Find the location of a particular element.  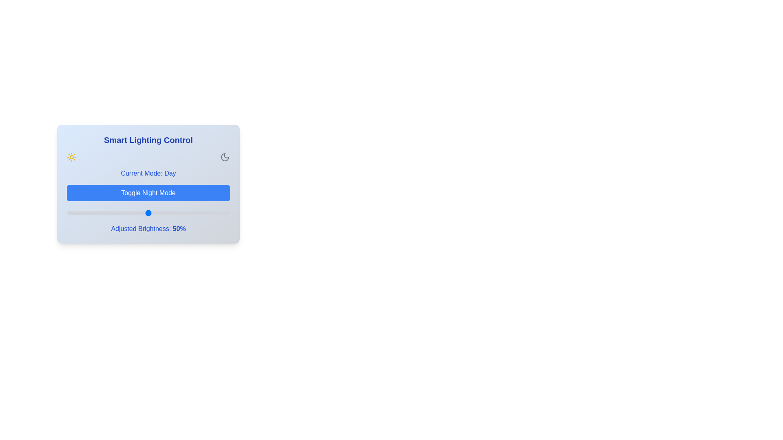

the button that toggles between day and night modes in the 'Smart Lighting Control' interface to switch to night mode is located at coordinates (148, 193).